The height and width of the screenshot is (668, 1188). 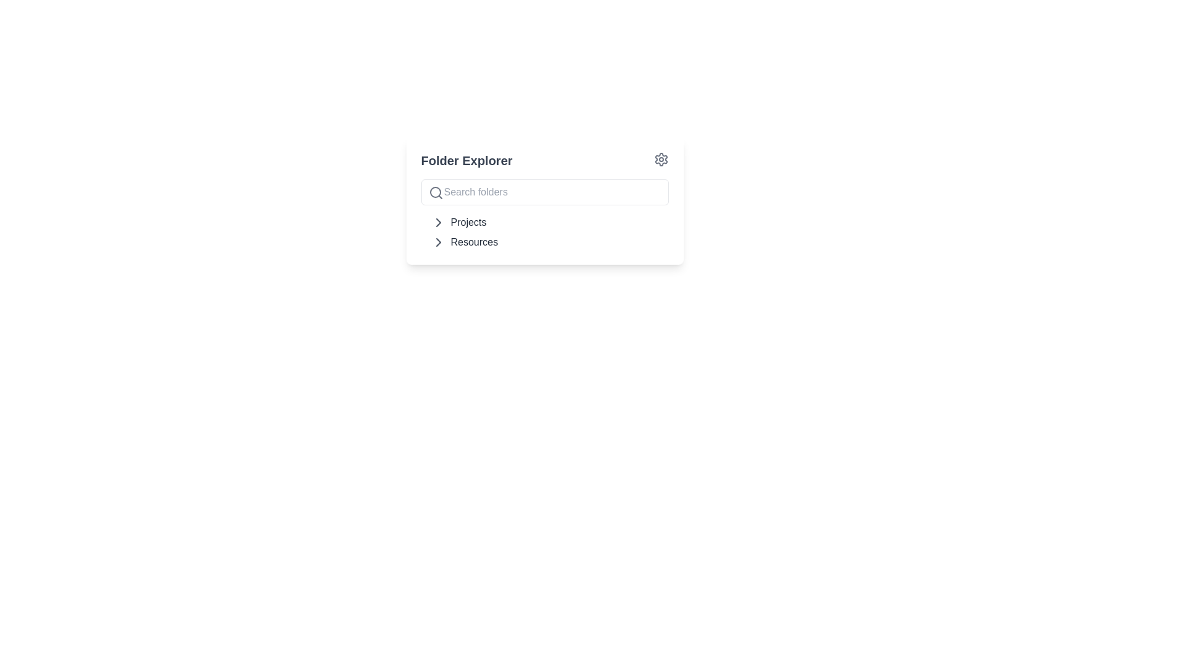 I want to click on the chevron icon indicating the 'Resources' folder in the 'Folder Explorer' section to expand or collapse its contents, so click(x=438, y=221).